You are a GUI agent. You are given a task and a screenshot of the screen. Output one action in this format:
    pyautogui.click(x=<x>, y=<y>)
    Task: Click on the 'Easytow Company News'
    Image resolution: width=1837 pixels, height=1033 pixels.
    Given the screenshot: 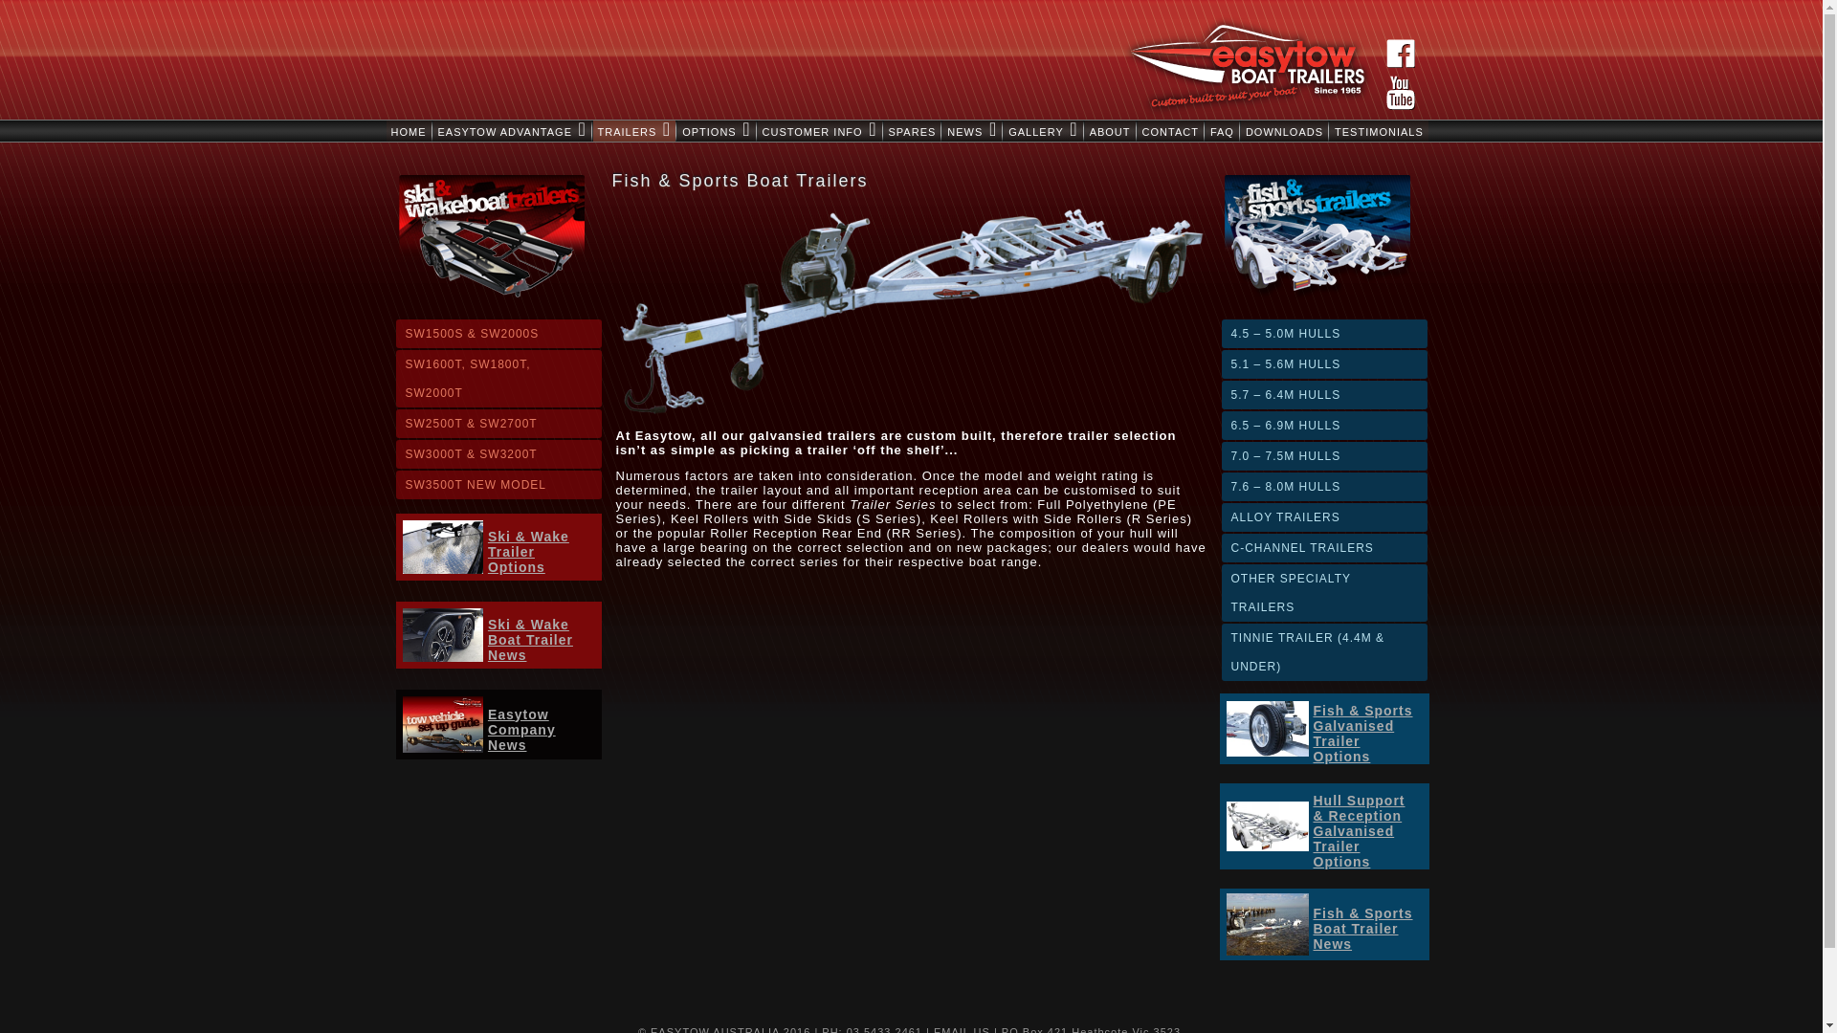 What is the action you would take?
    pyautogui.click(x=521, y=730)
    